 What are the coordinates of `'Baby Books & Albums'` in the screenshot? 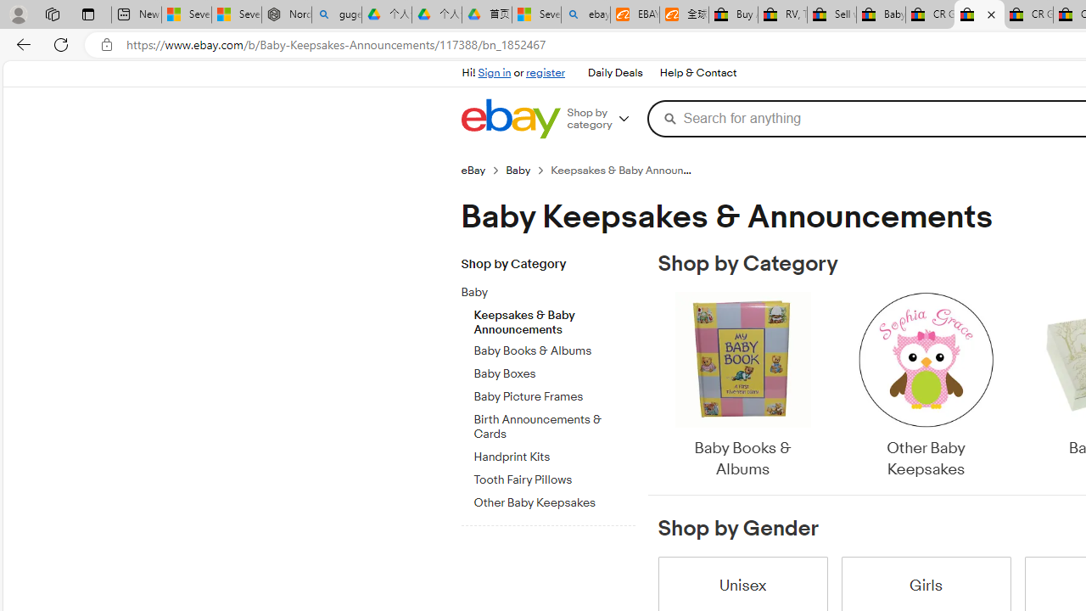 It's located at (742, 386).